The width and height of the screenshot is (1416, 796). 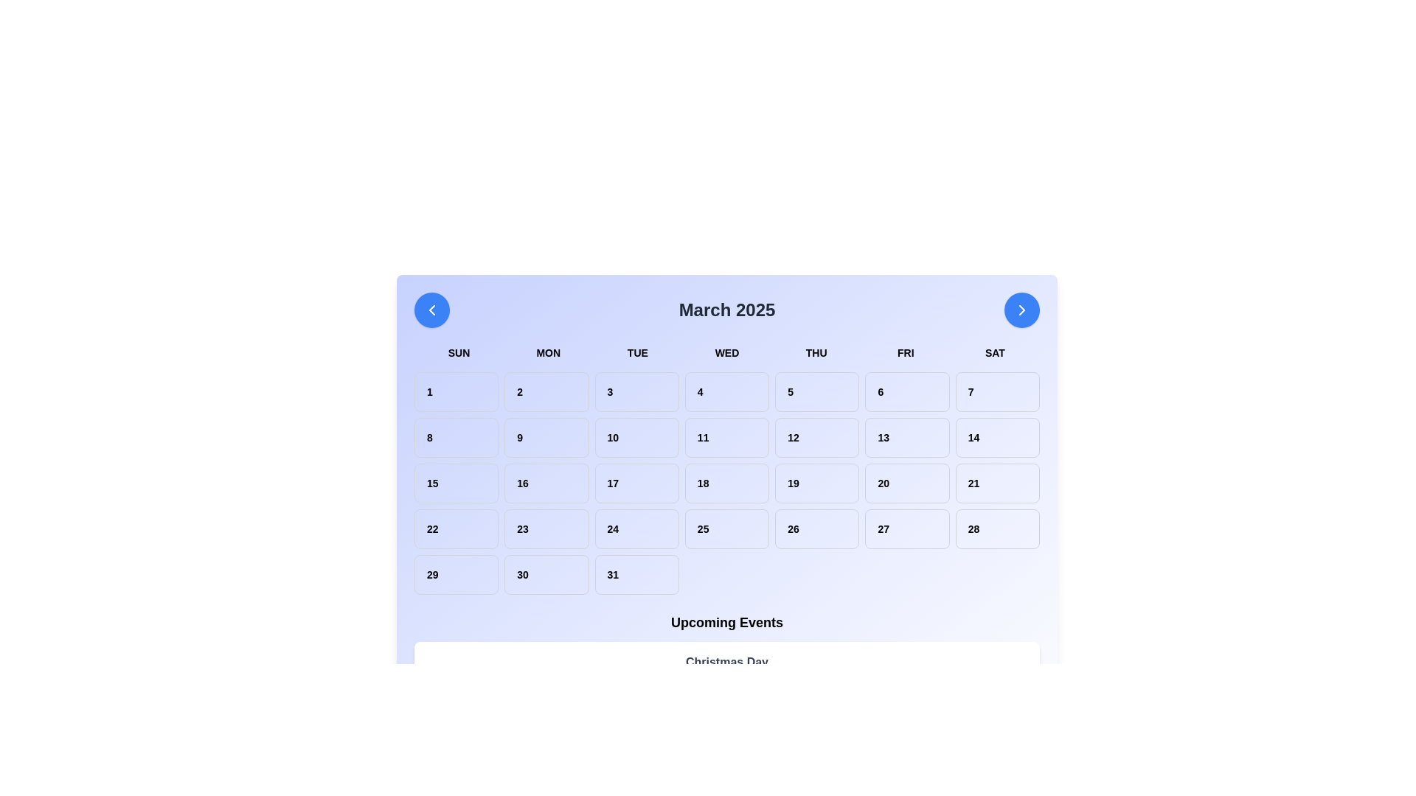 What do you see at coordinates (456, 483) in the screenshot?
I see `the interactive day selector button for the 15th of the month, located in the third cell of the third row under the 'MON' column of the calendar grid` at bounding box center [456, 483].